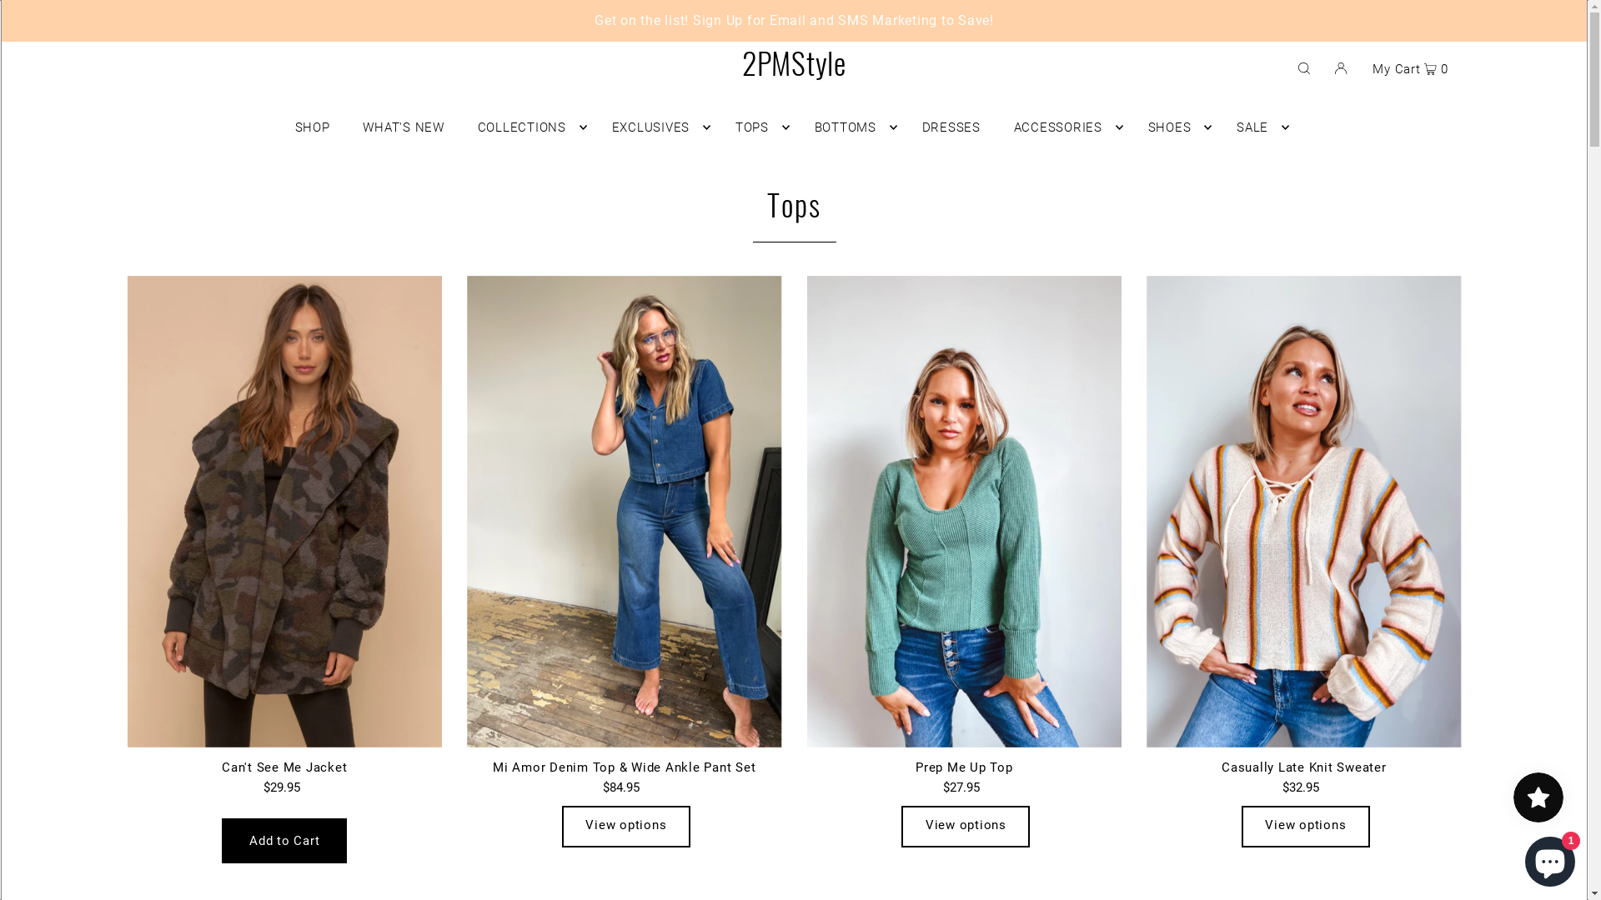  What do you see at coordinates (312, 127) in the screenshot?
I see `'SHOP'` at bounding box center [312, 127].